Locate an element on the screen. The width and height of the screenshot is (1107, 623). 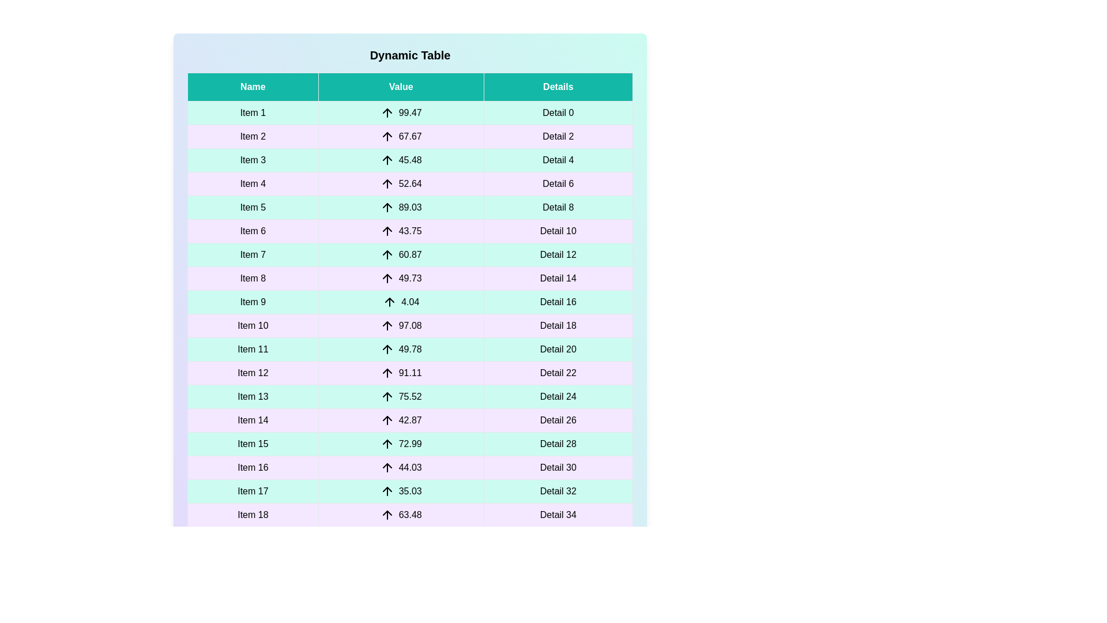
the header of the column Value to sort it is located at coordinates (401, 86).